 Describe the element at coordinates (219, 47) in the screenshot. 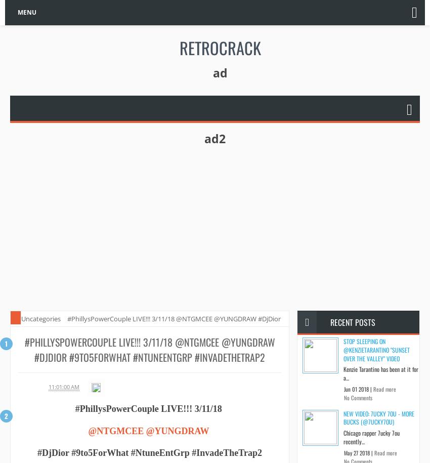

I see `'RetrocracK'` at that location.